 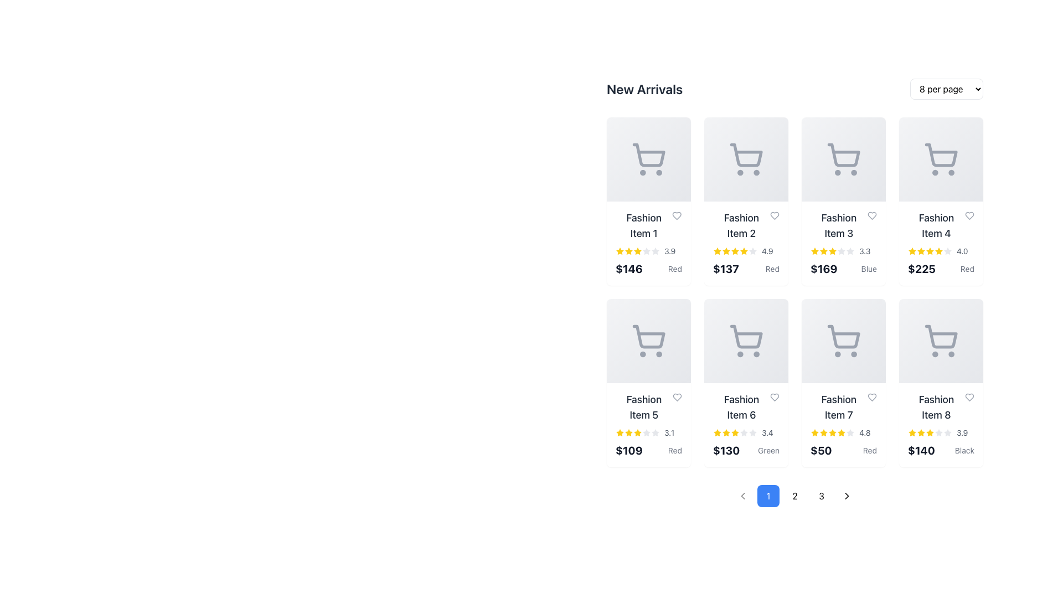 I want to click on the nearby areas related to the Text label in the 'New Arrivals' section, which serves as the product title located in the second row, third column of the grid layout, so click(x=746, y=408).